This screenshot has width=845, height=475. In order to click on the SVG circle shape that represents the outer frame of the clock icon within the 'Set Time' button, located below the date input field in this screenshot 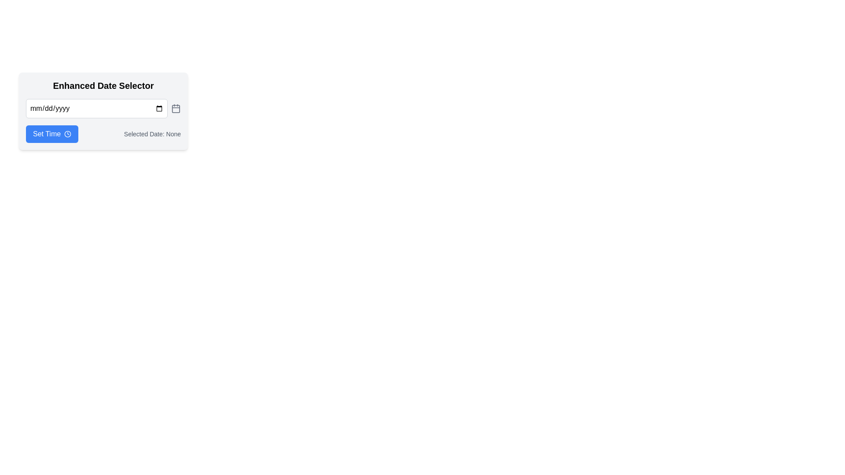, I will do `click(67, 134)`.